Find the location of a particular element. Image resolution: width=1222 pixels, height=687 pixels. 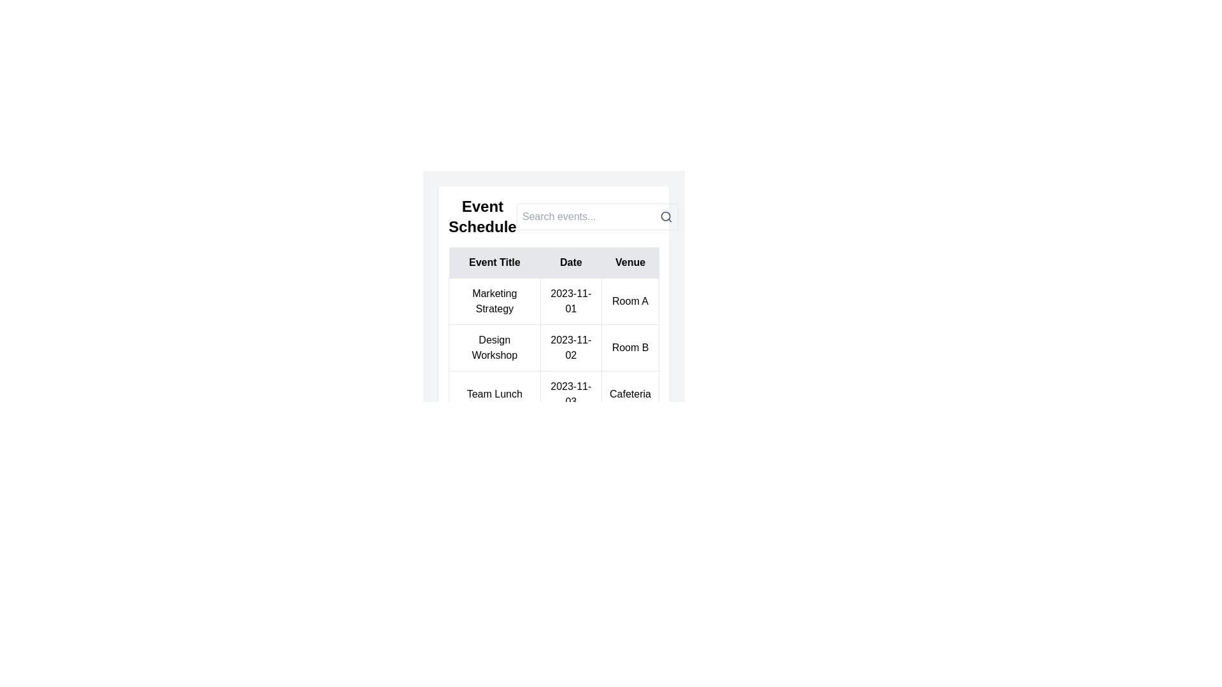

the 'Venue' column header in the table, which is the third column header located within the 'Event Schedule' card is located at coordinates (630, 262).